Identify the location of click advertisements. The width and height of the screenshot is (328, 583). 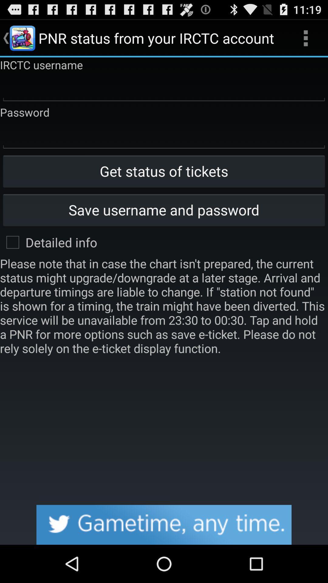
(164, 524).